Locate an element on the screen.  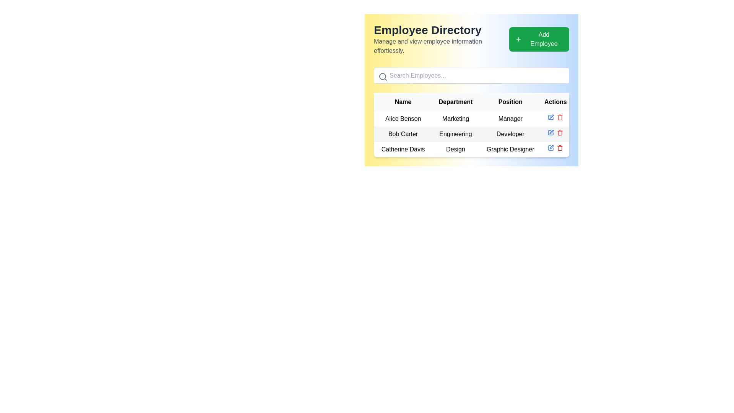
the text label displaying 'Alice Benson' located in the first row of the 'Name' column in the tabular grid layout is located at coordinates (403, 119).